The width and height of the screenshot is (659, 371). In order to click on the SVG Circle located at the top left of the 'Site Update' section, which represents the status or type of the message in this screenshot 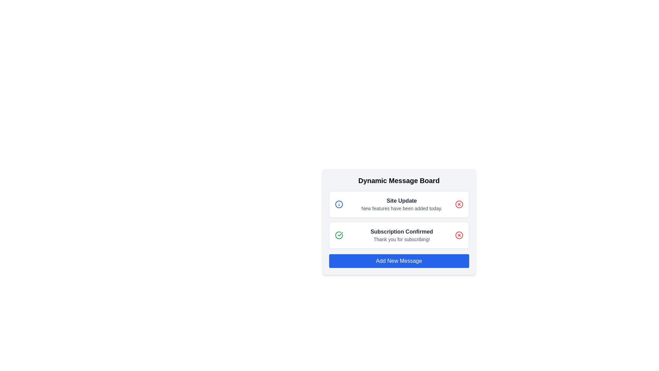, I will do `click(339, 204)`.